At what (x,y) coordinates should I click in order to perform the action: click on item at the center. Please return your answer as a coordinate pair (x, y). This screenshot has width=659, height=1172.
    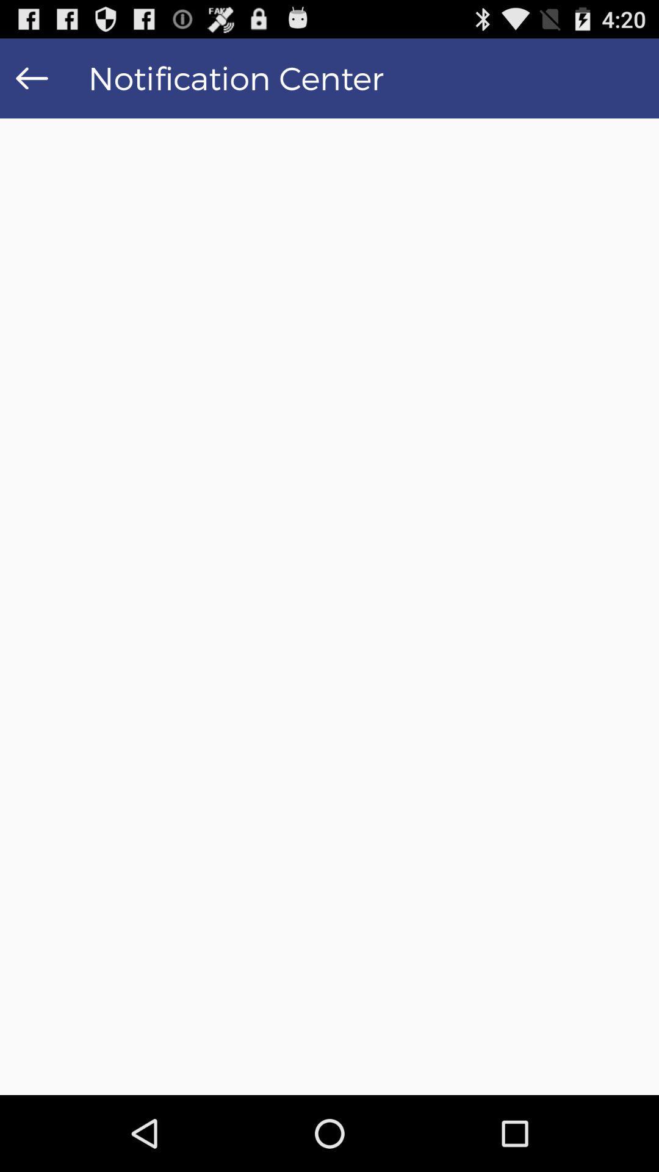
    Looking at the image, I should click on (329, 607).